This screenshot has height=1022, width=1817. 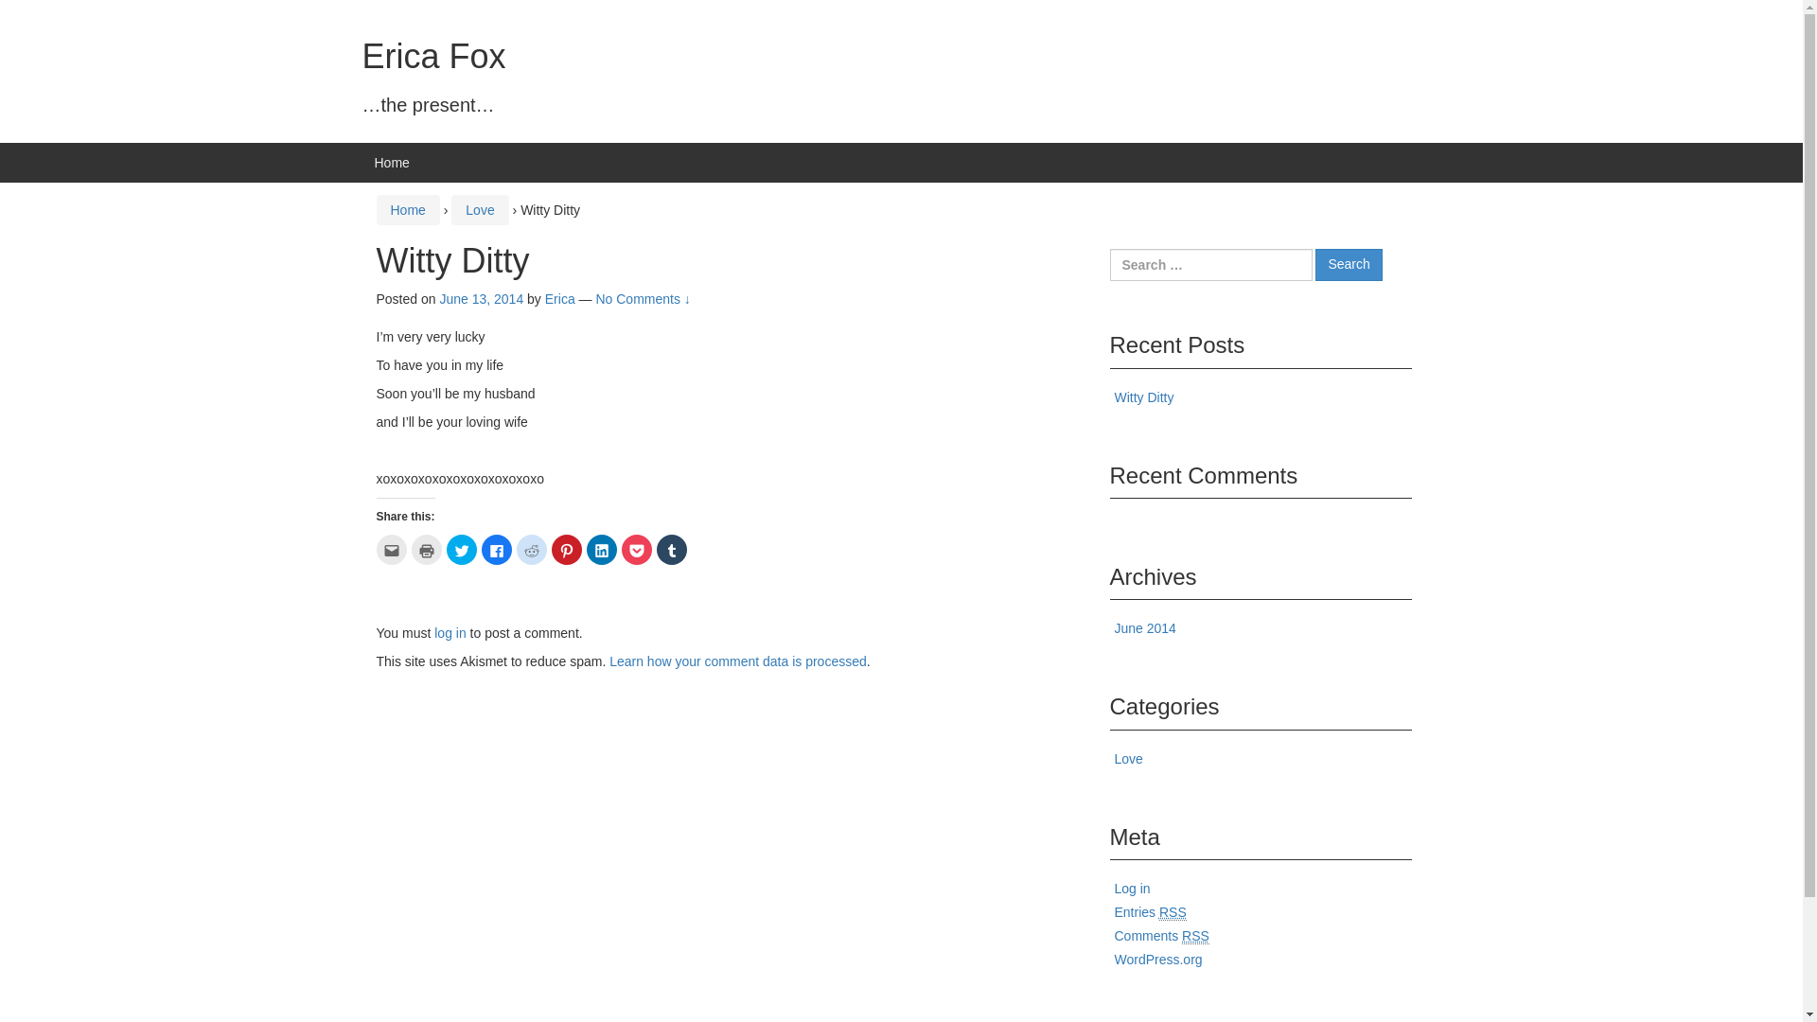 What do you see at coordinates (636, 550) in the screenshot?
I see `'Click to share on Pocket (Opens in new window)'` at bounding box center [636, 550].